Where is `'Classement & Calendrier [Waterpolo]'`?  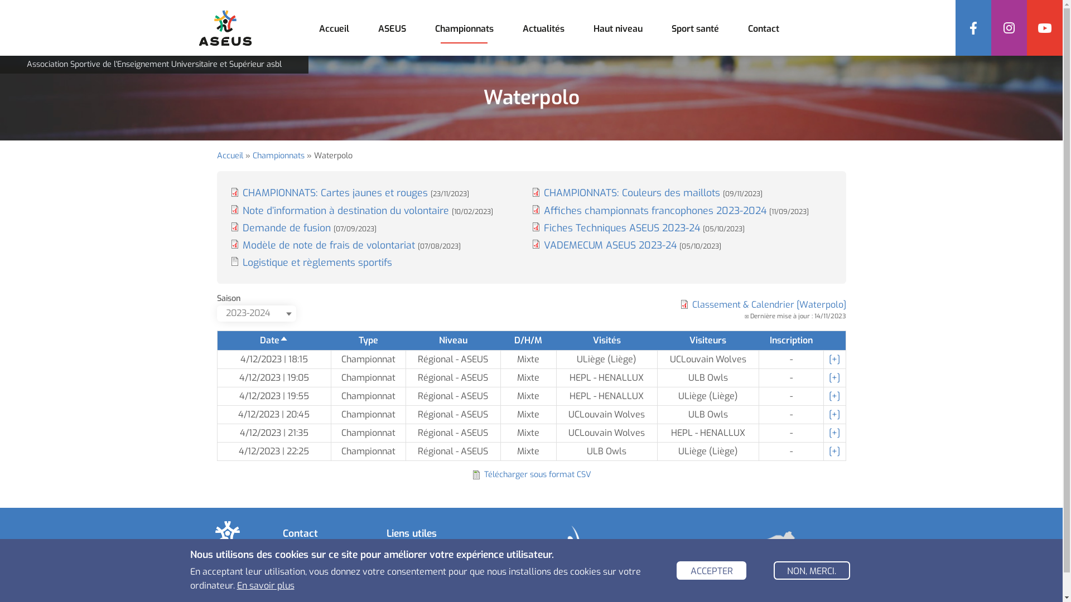 'Classement & Calendrier [Waterpolo]' is located at coordinates (762, 304).